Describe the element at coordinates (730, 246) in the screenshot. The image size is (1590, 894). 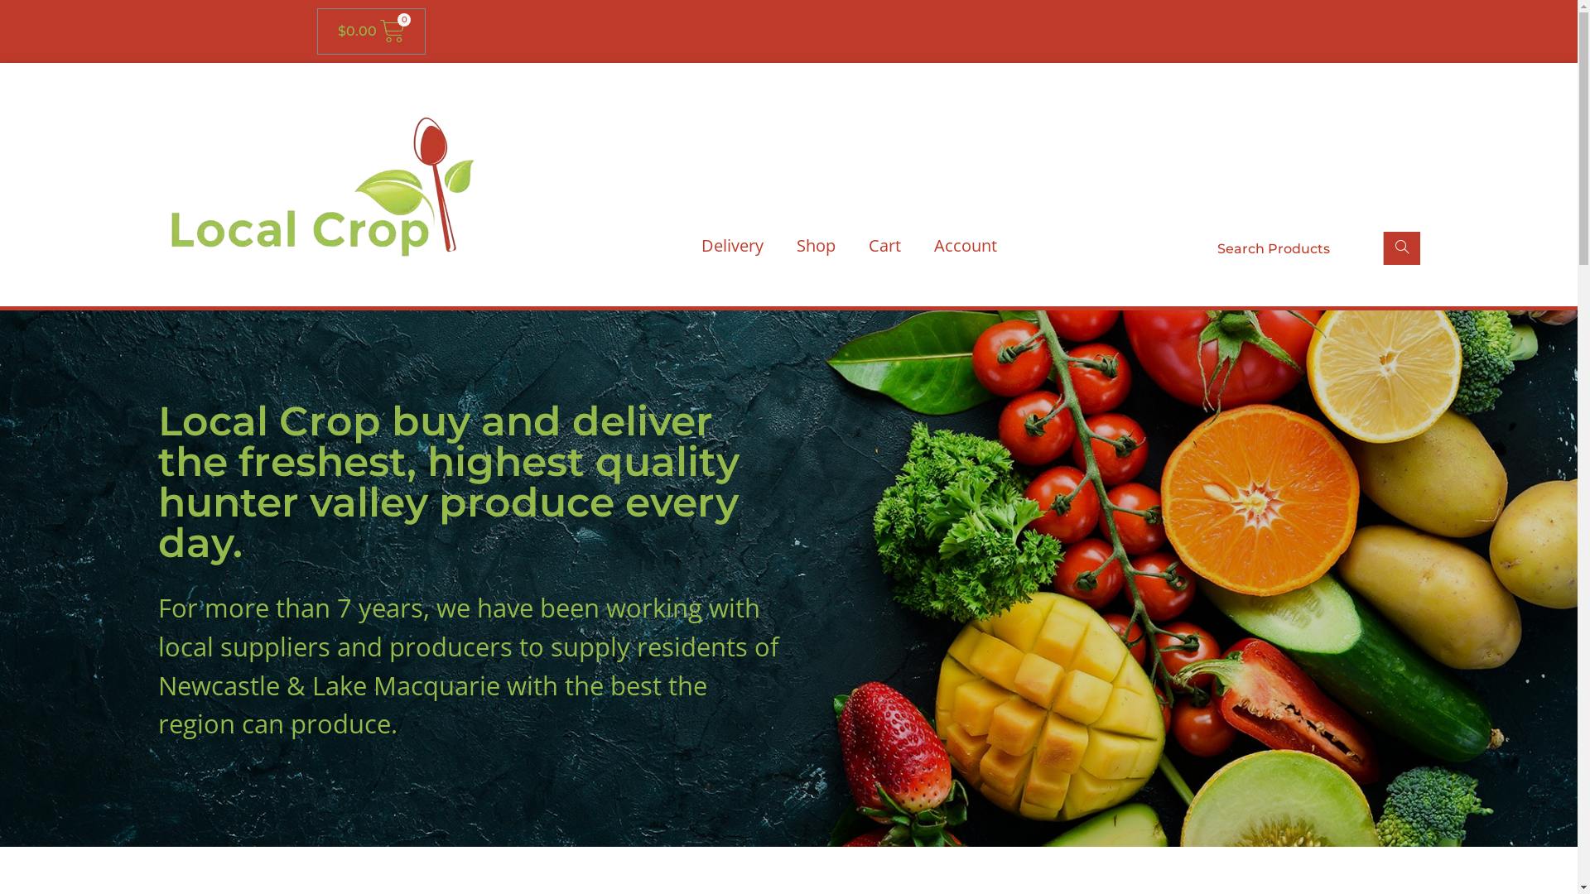
I see `'Delivery'` at that location.